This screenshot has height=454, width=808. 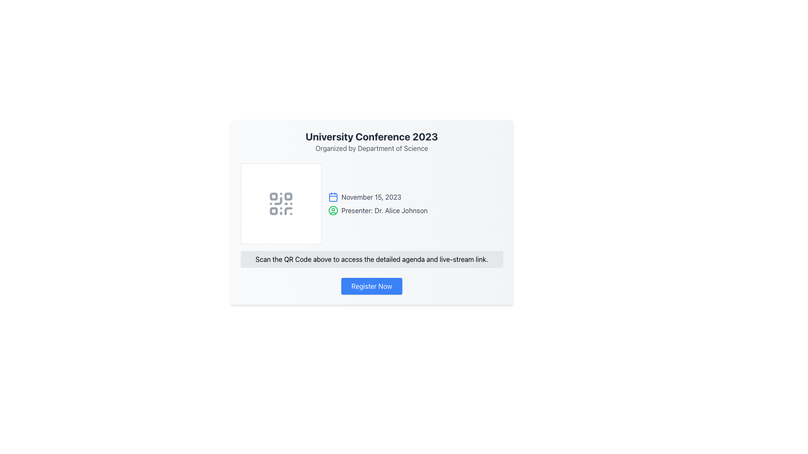 What do you see at coordinates (371, 136) in the screenshot?
I see `main heading text element that serves as the title for the displayed content, positioned at the center near the top of the interface` at bounding box center [371, 136].